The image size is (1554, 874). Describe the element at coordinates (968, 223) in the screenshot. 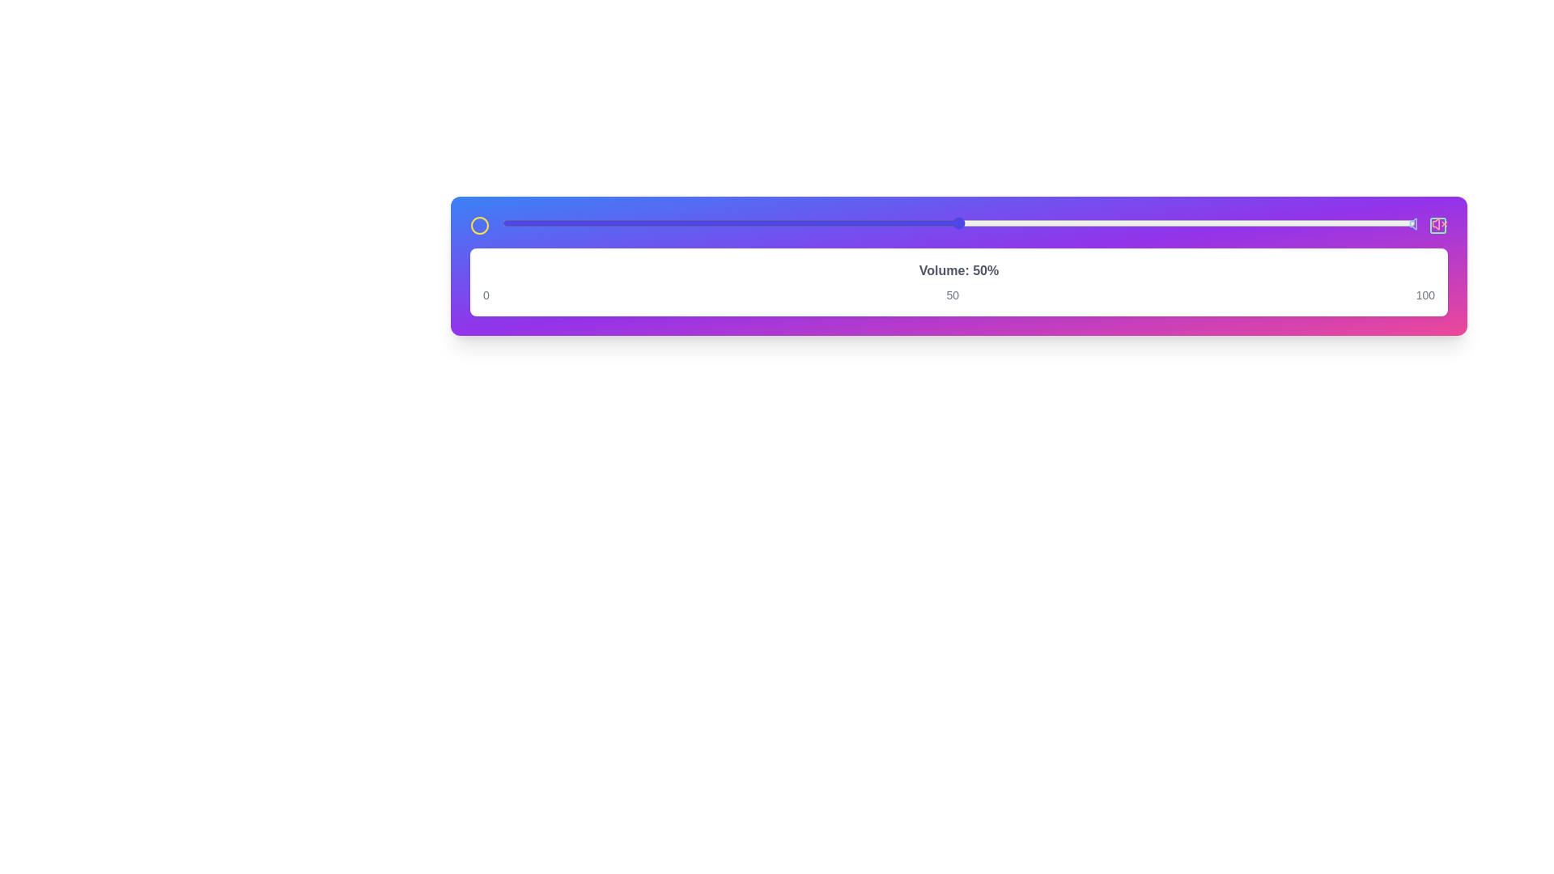

I see `the slider to 51%` at that location.